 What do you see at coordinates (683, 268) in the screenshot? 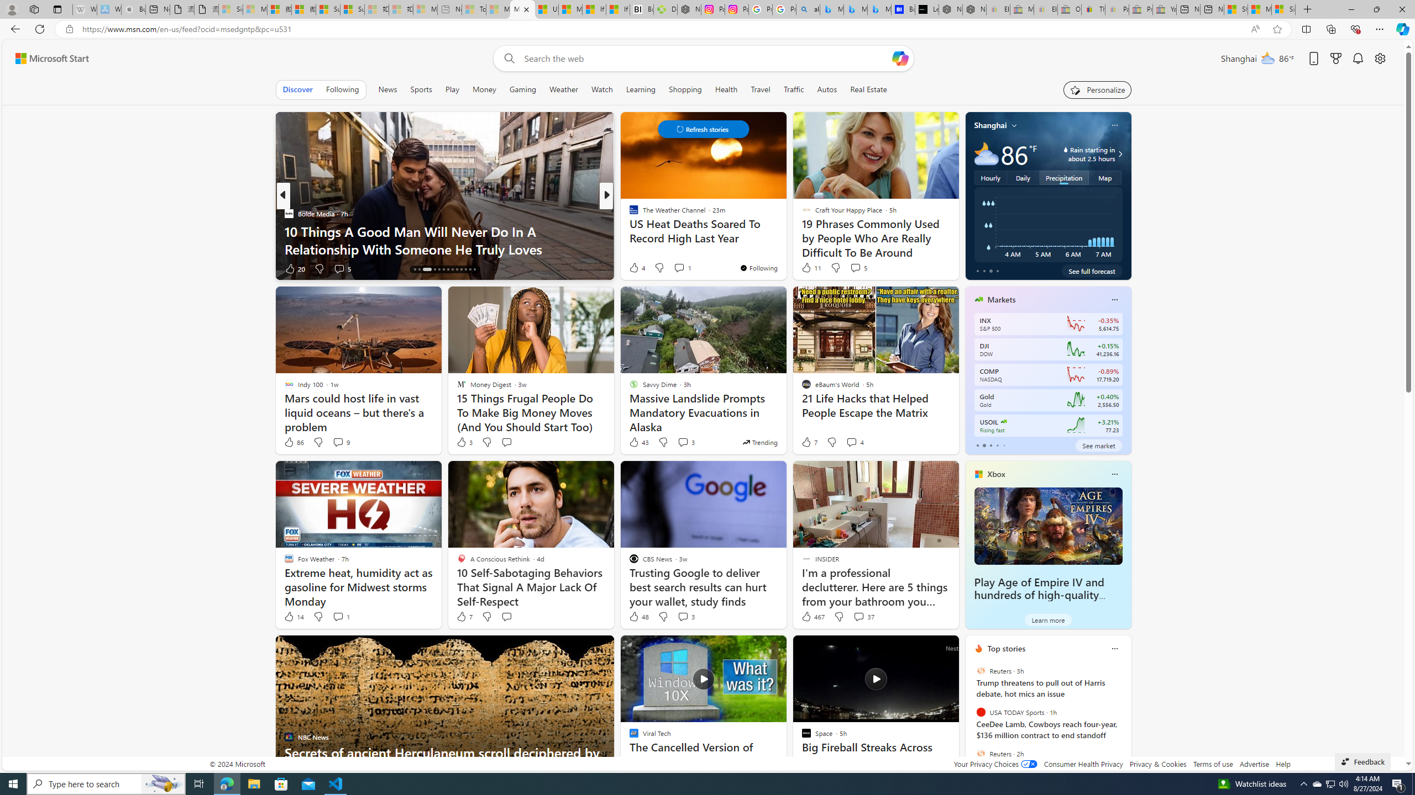
I see `'View comments 35 Comment'` at bounding box center [683, 268].